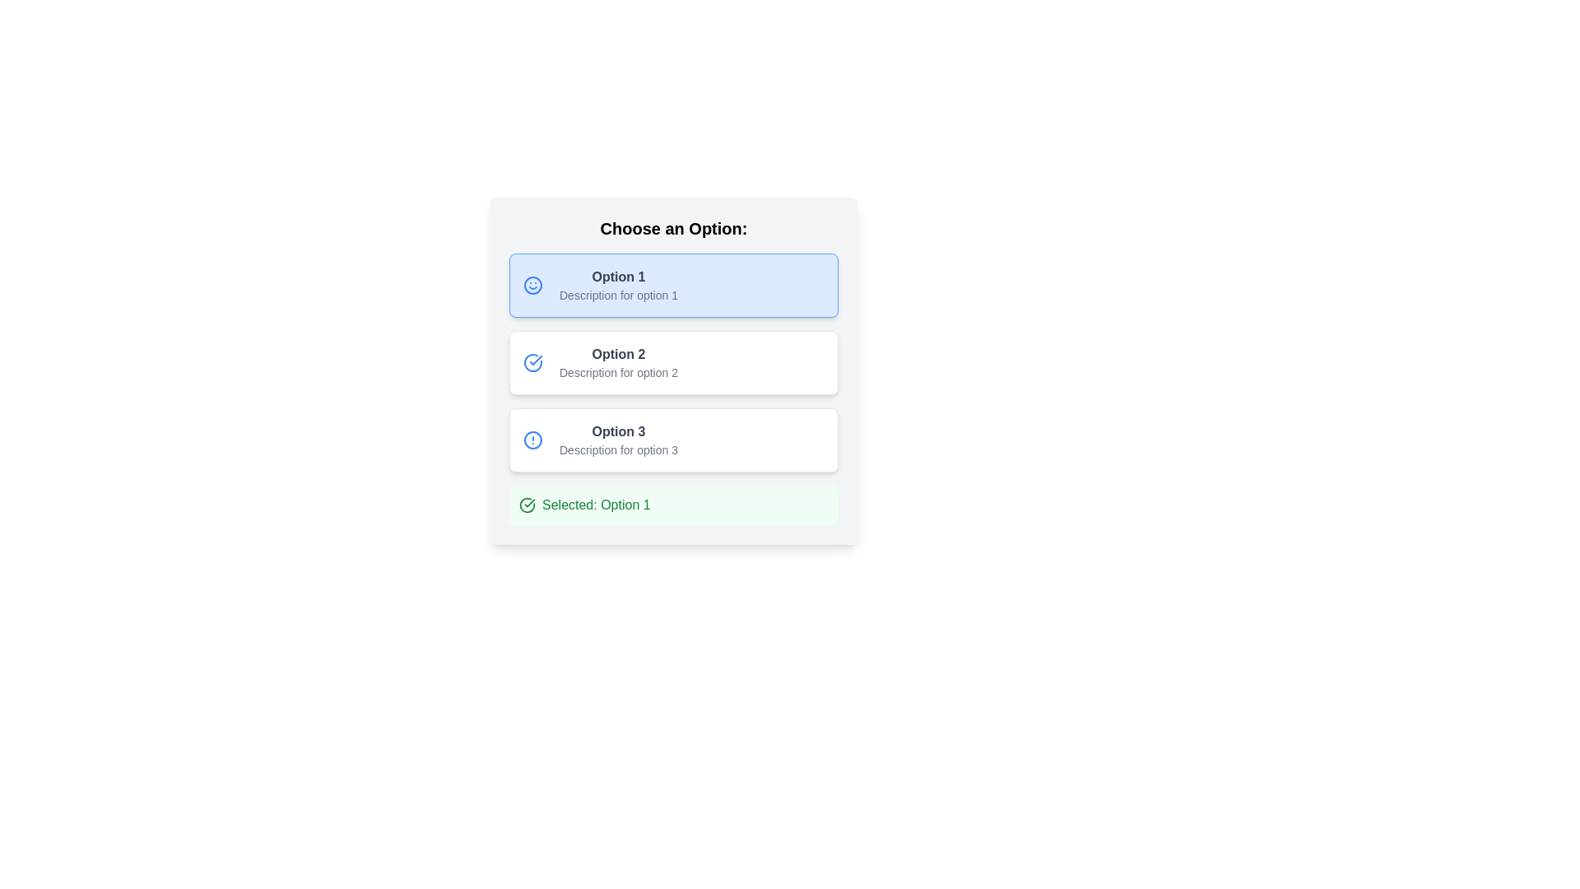 The width and height of the screenshot is (1580, 889). Describe the element at coordinates (533, 285) in the screenshot. I see `the circular vector element that symbolizes happiness, which is part of the SVG icon within the 'Option 1' button` at that location.